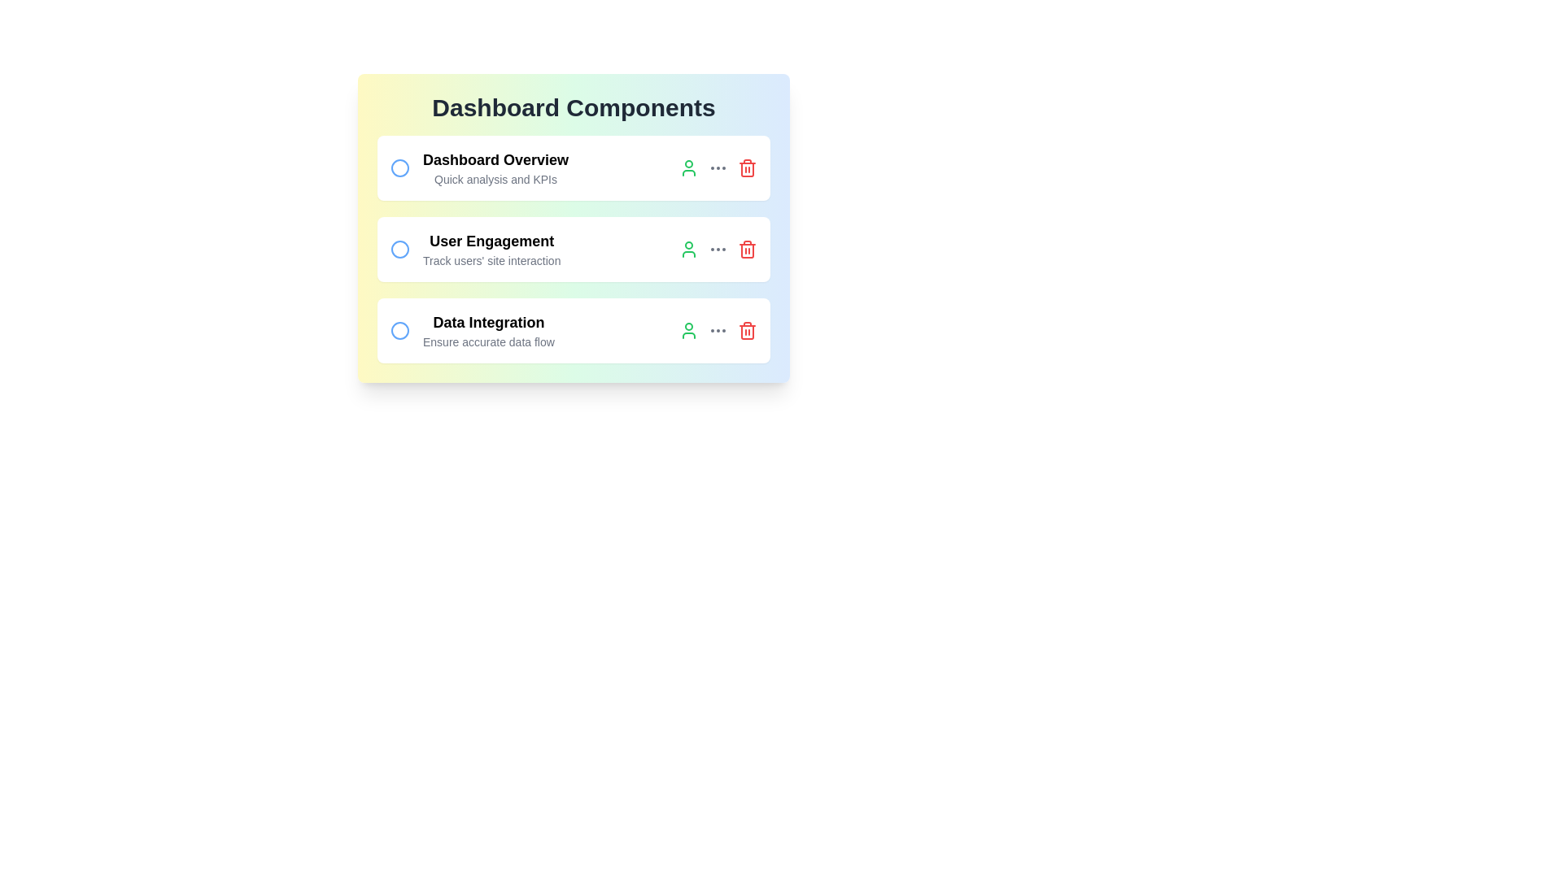 This screenshot has height=878, width=1562. What do you see at coordinates (746, 168) in the screenshot?
I see `the trash icon to delete the task corresponding to Dashboard Overview` at bounding box center [746, 168].